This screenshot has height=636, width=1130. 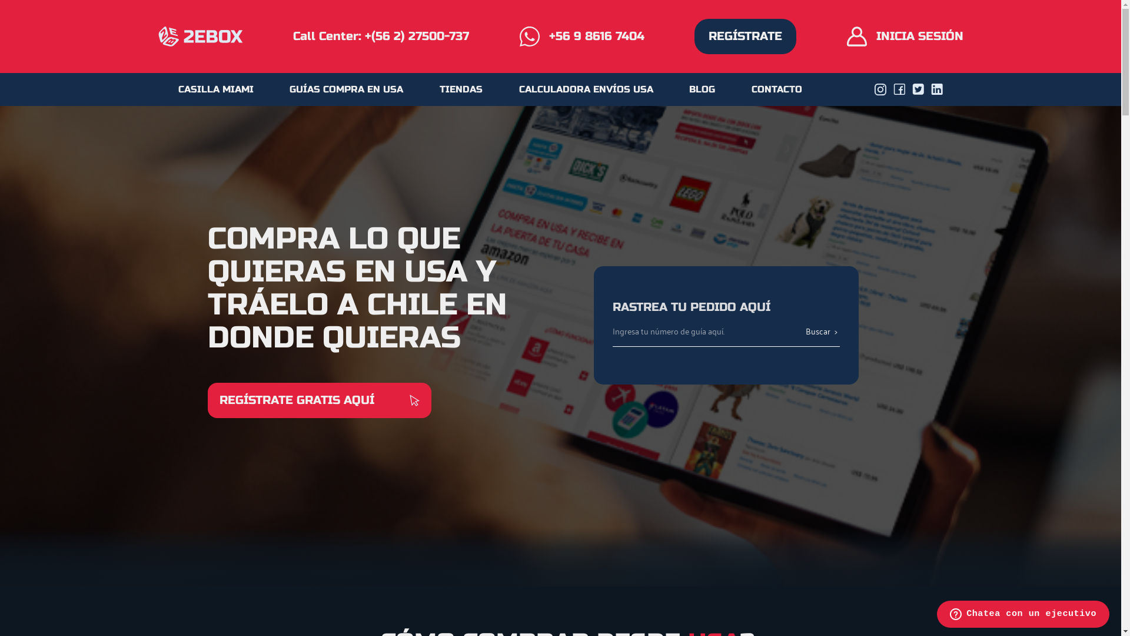 I want to click on 'linkedin', so click(x=936, y=88).